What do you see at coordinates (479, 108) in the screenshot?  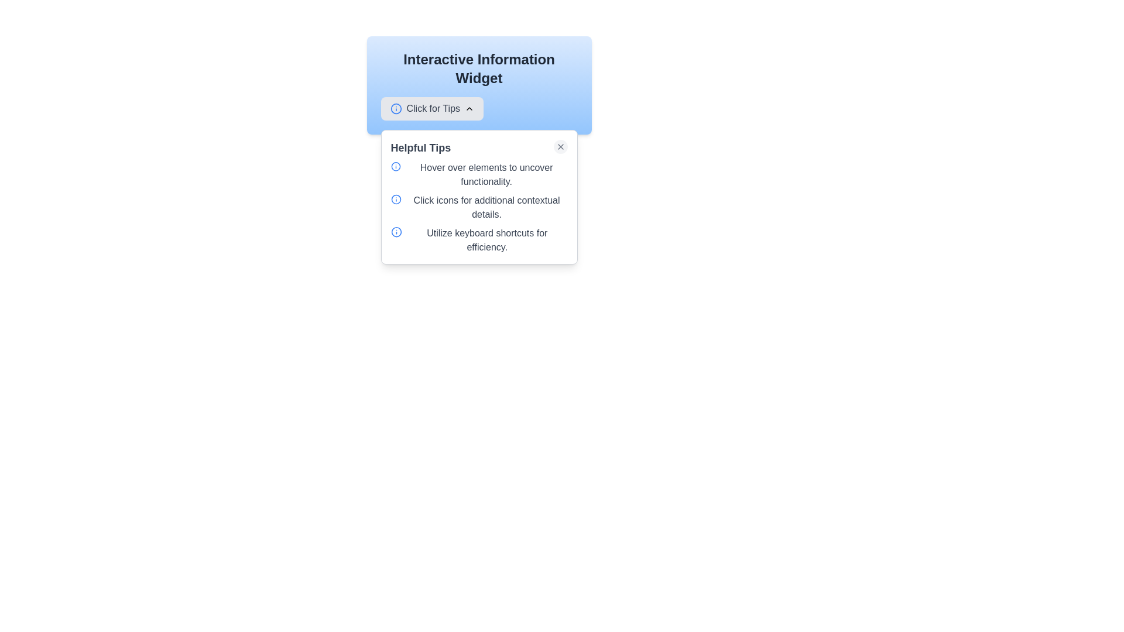 I see `the toggle button located beneath the 'Interactive Information Widget' title to show or hide the tips popup` at bounding box center [479, 108].